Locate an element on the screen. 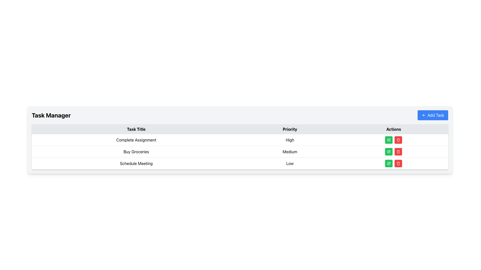 The image size is (481, 270). the text label 'Task Title' which is displayed in bold black text in a light gray background, located in the first column of the header row above a table is located at coordinates (136, 129).